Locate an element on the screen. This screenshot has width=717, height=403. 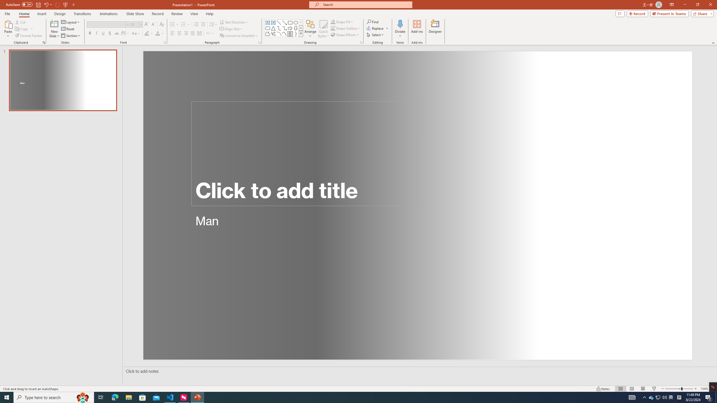
'Underline' is located at coordinates (103, 33).